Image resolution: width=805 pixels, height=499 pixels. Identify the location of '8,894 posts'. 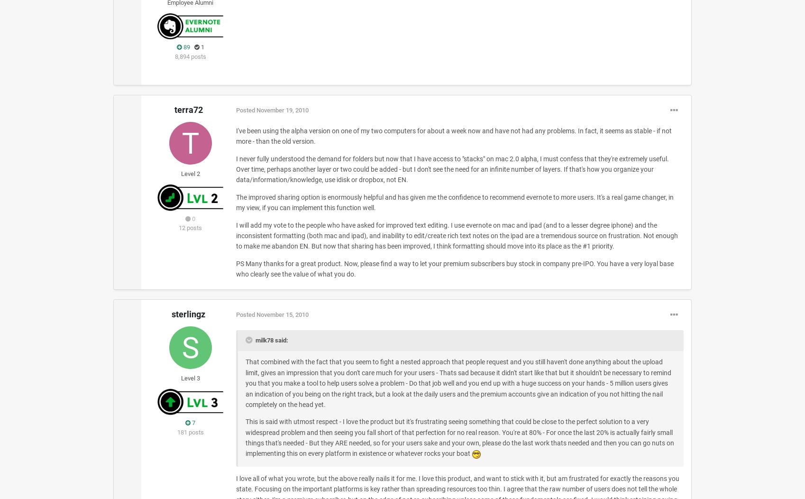
(190, 56).